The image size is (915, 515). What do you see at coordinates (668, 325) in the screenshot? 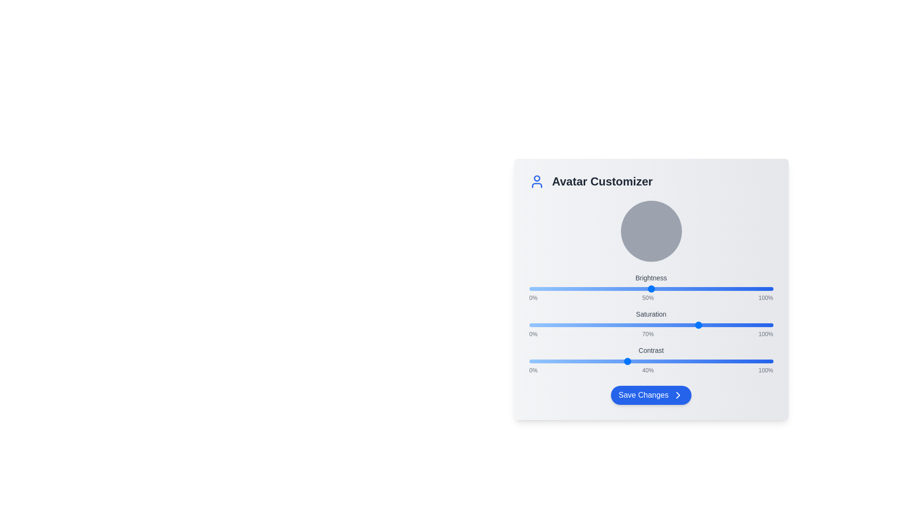
I see `the Saturation slider to 57%` at bounding box center [668, 325].